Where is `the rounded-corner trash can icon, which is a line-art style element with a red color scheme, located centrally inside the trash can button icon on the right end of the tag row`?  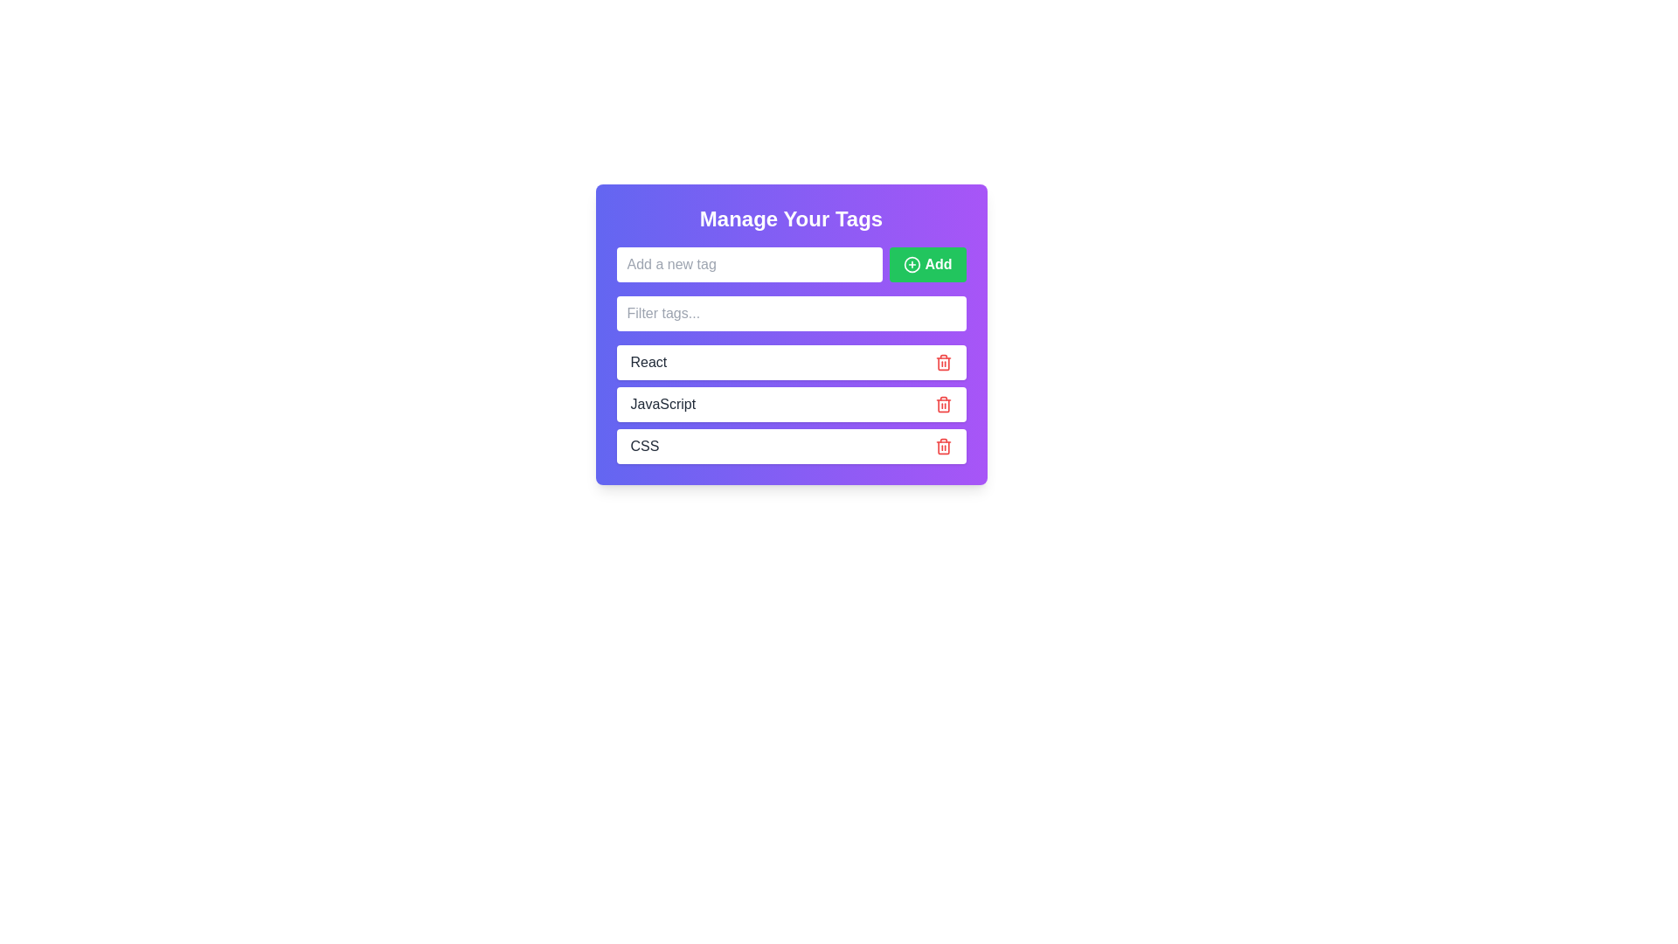 the rounded-corner trash can icon, which is a line-art style element with a red color scheme, located centrally inside the trash can button icon on the right end of the tag row is located at coordinates (942, 447).